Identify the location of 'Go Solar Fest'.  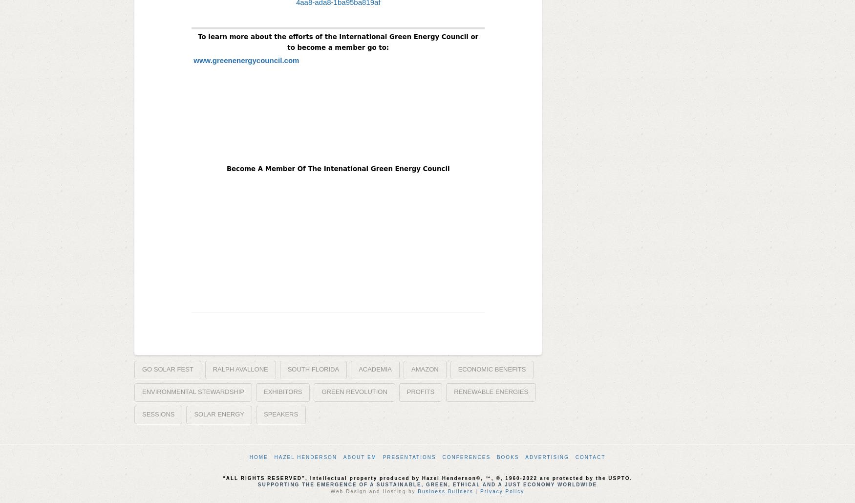
(168, 369).